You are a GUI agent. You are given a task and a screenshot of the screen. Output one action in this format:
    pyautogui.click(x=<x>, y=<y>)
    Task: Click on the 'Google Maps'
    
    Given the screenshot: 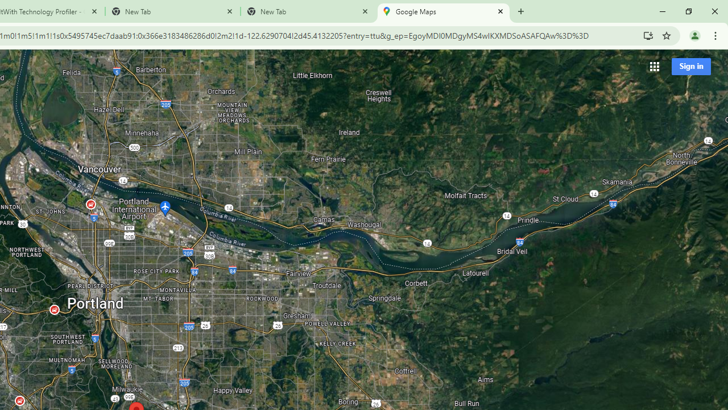 What is the action you would take?
    pyautogui.click(x=442, y=11)
    